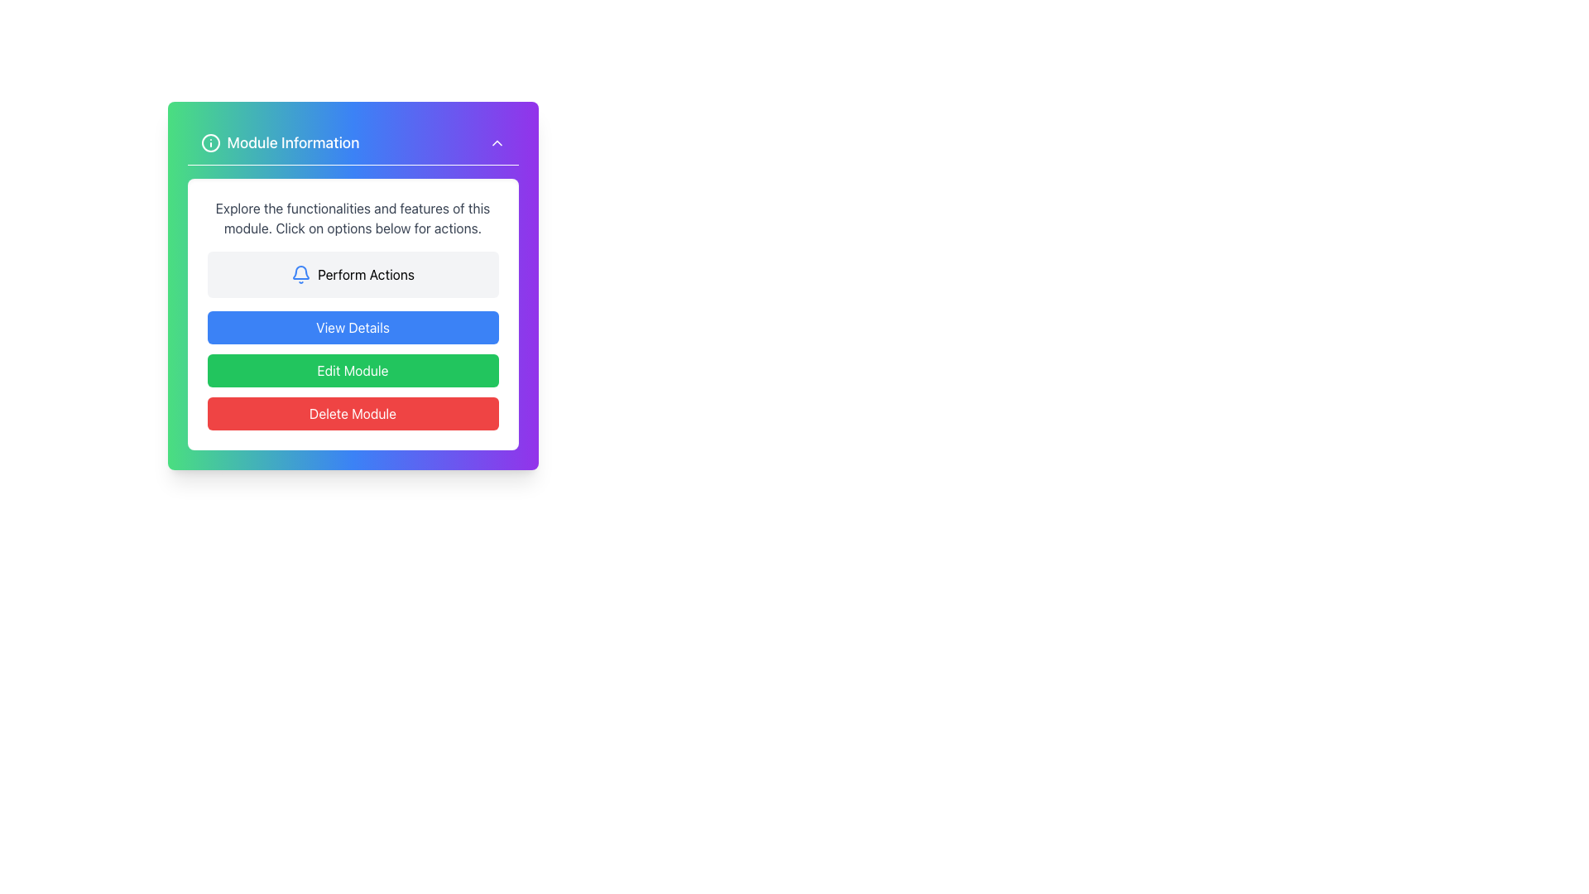  Describe the element at coordinates (352, 217) in the screenshot. I see `instructions provided in the informational text block located below the section title 'Module Information' in the rectangular card layout` at that location.